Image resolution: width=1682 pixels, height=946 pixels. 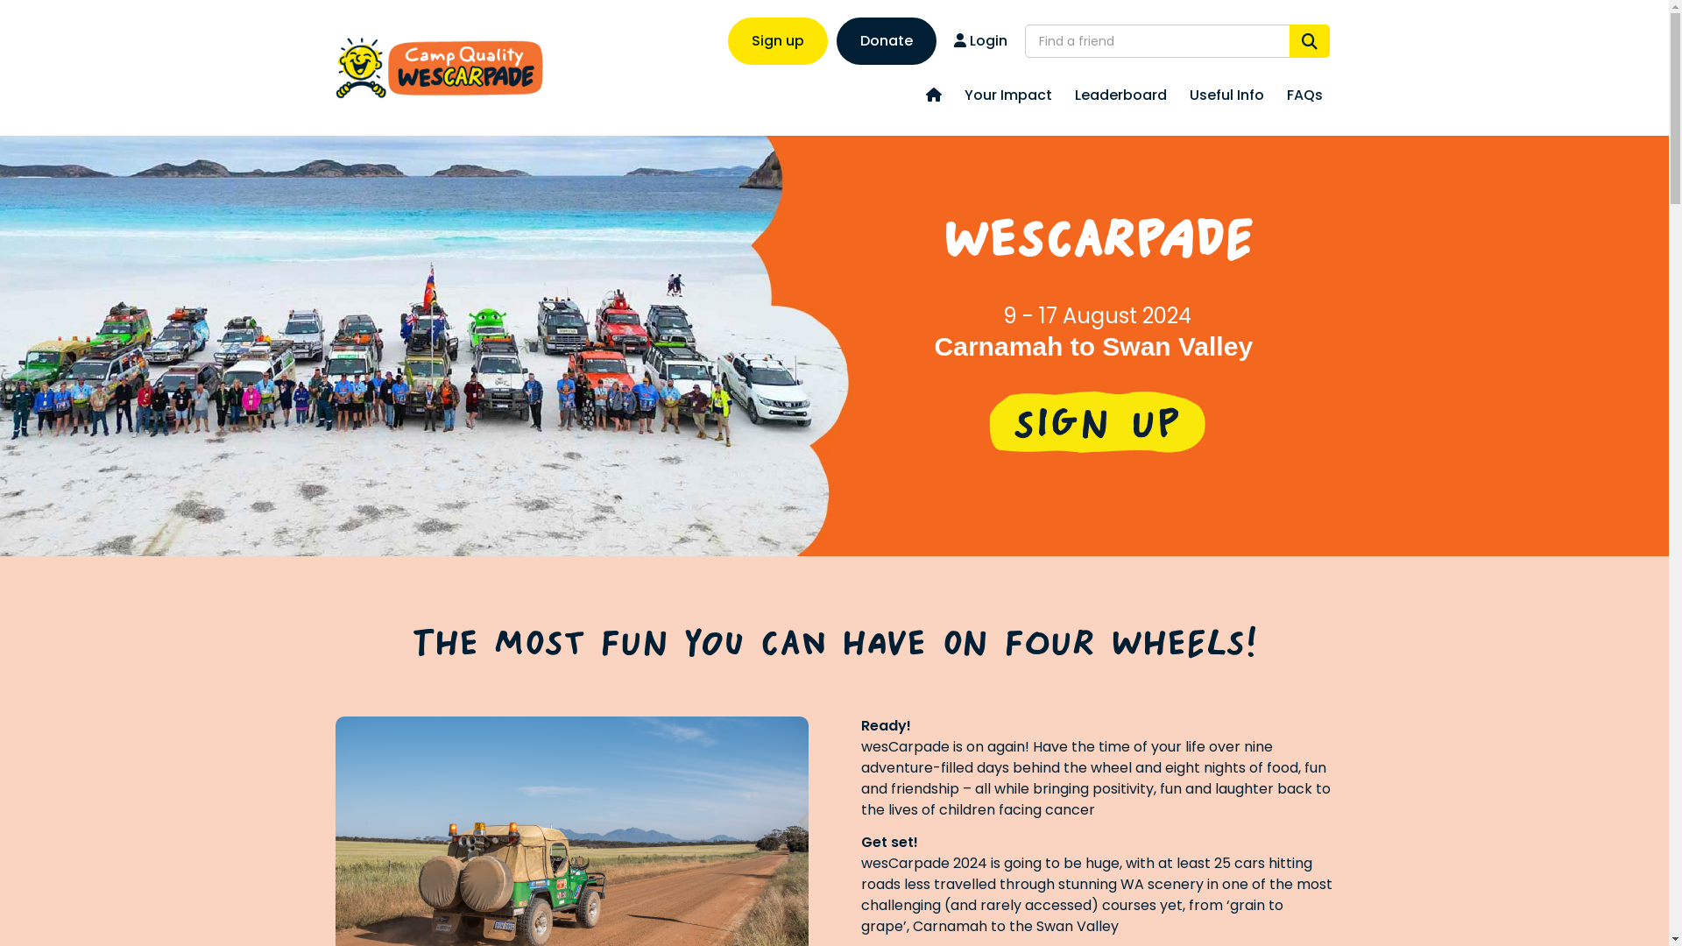 What do you see at coordinates (776, 39) in the screenshot?
I see `'Sign up'` at bounding box center [776, 39].